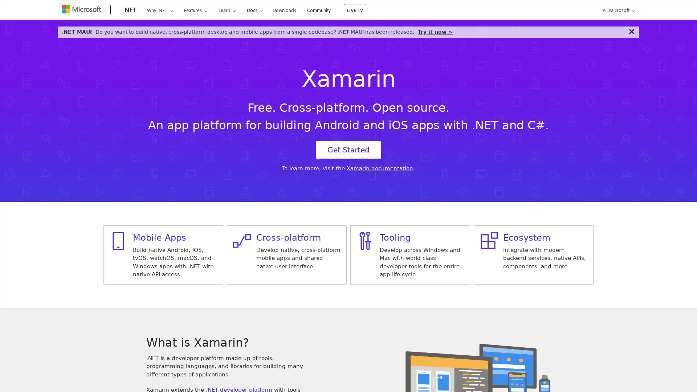  What do you see at coordinates (195, 10) in the screenshot?
I see `Features` at bounding box center [195, 10].